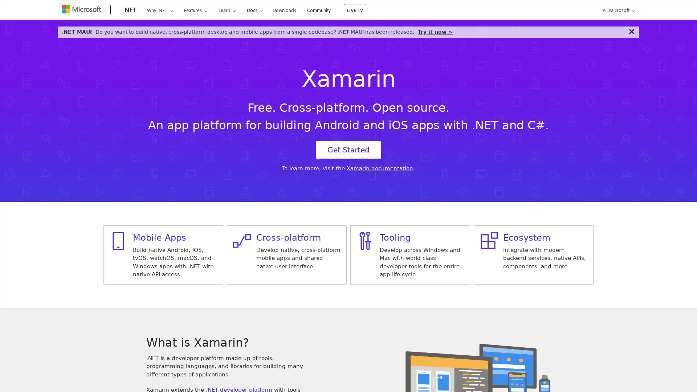  What do you see at coordinates (195, 10) in the screenshot?
I see `Features` at bounding box center [195, 10].